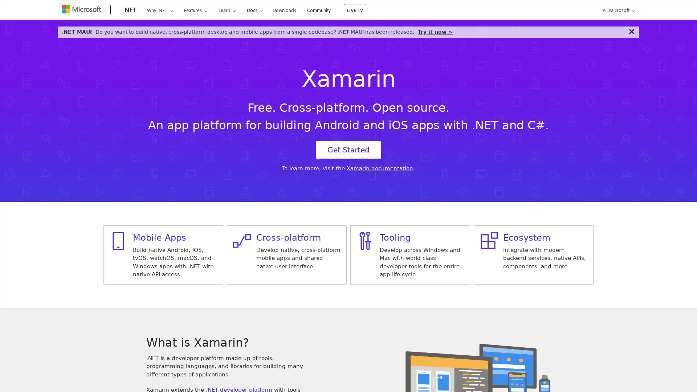  What do you see at coordinates (195, 10) in the screenshot?
I see `Features` at bounding box center [195, 10].